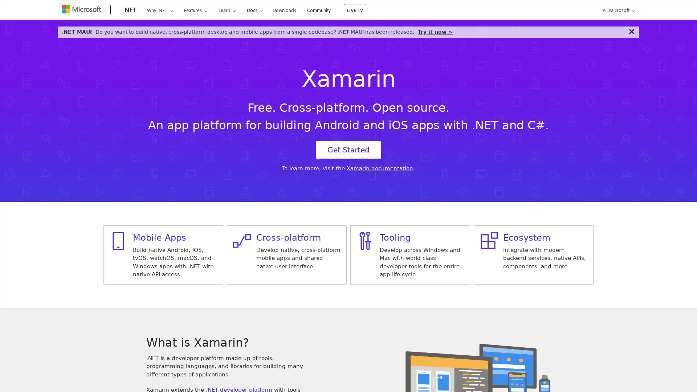  What do you see at coordinates (195, 10) in the screenshot?
I see `Features` at bounding box center [195, 10].